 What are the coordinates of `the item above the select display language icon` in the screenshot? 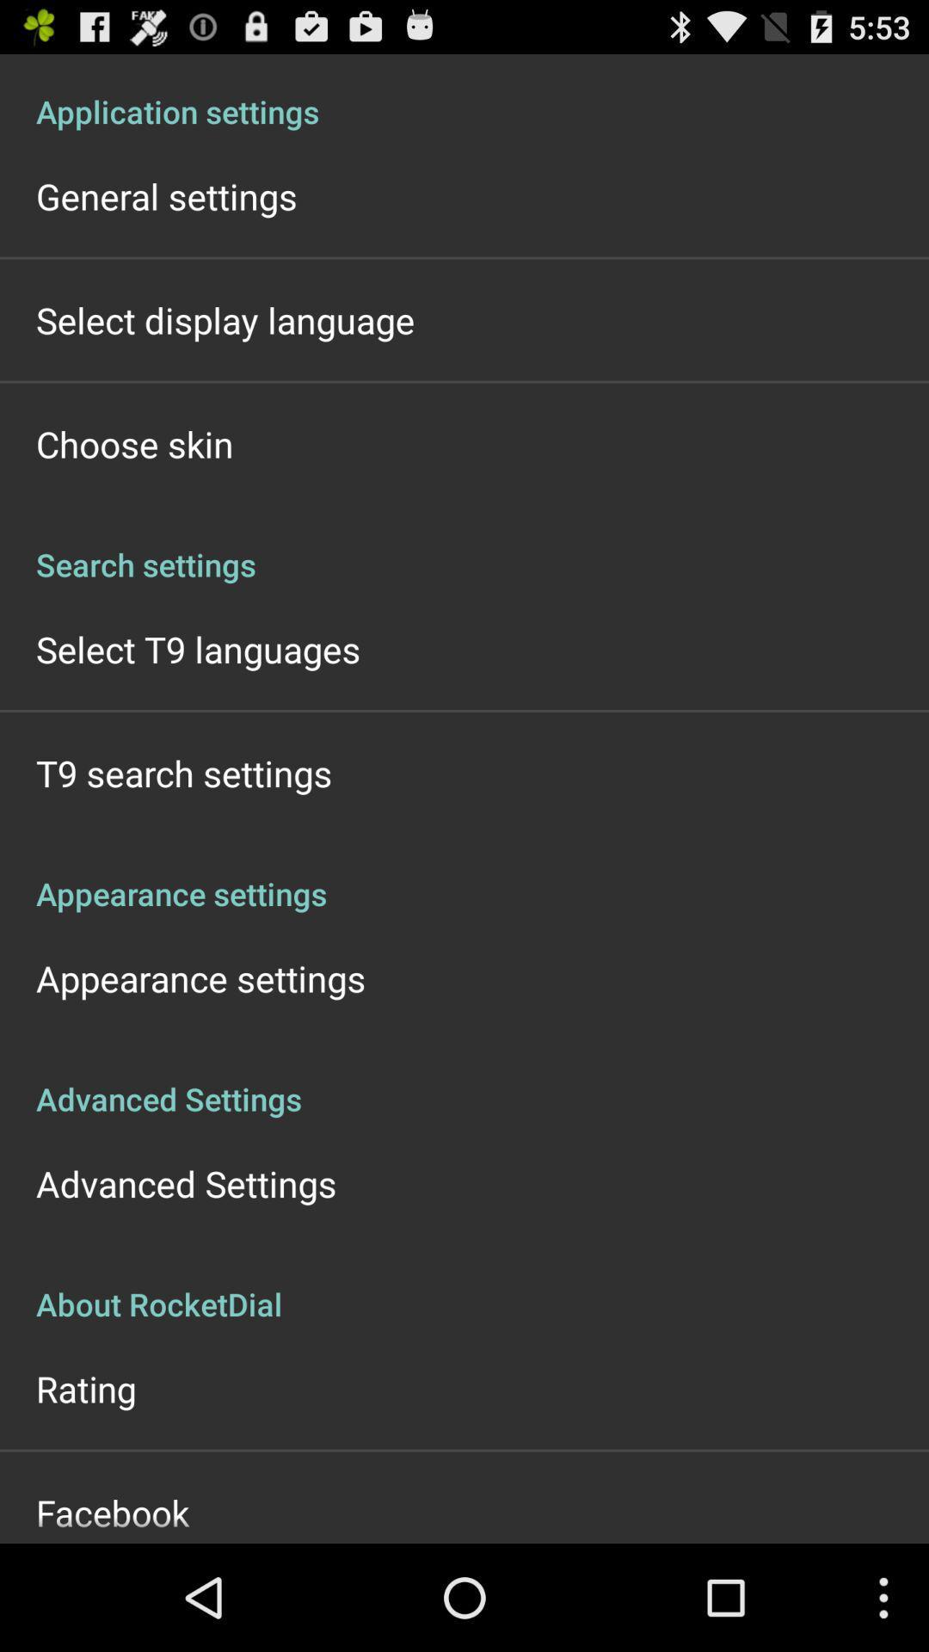 It's located at (166, 196).